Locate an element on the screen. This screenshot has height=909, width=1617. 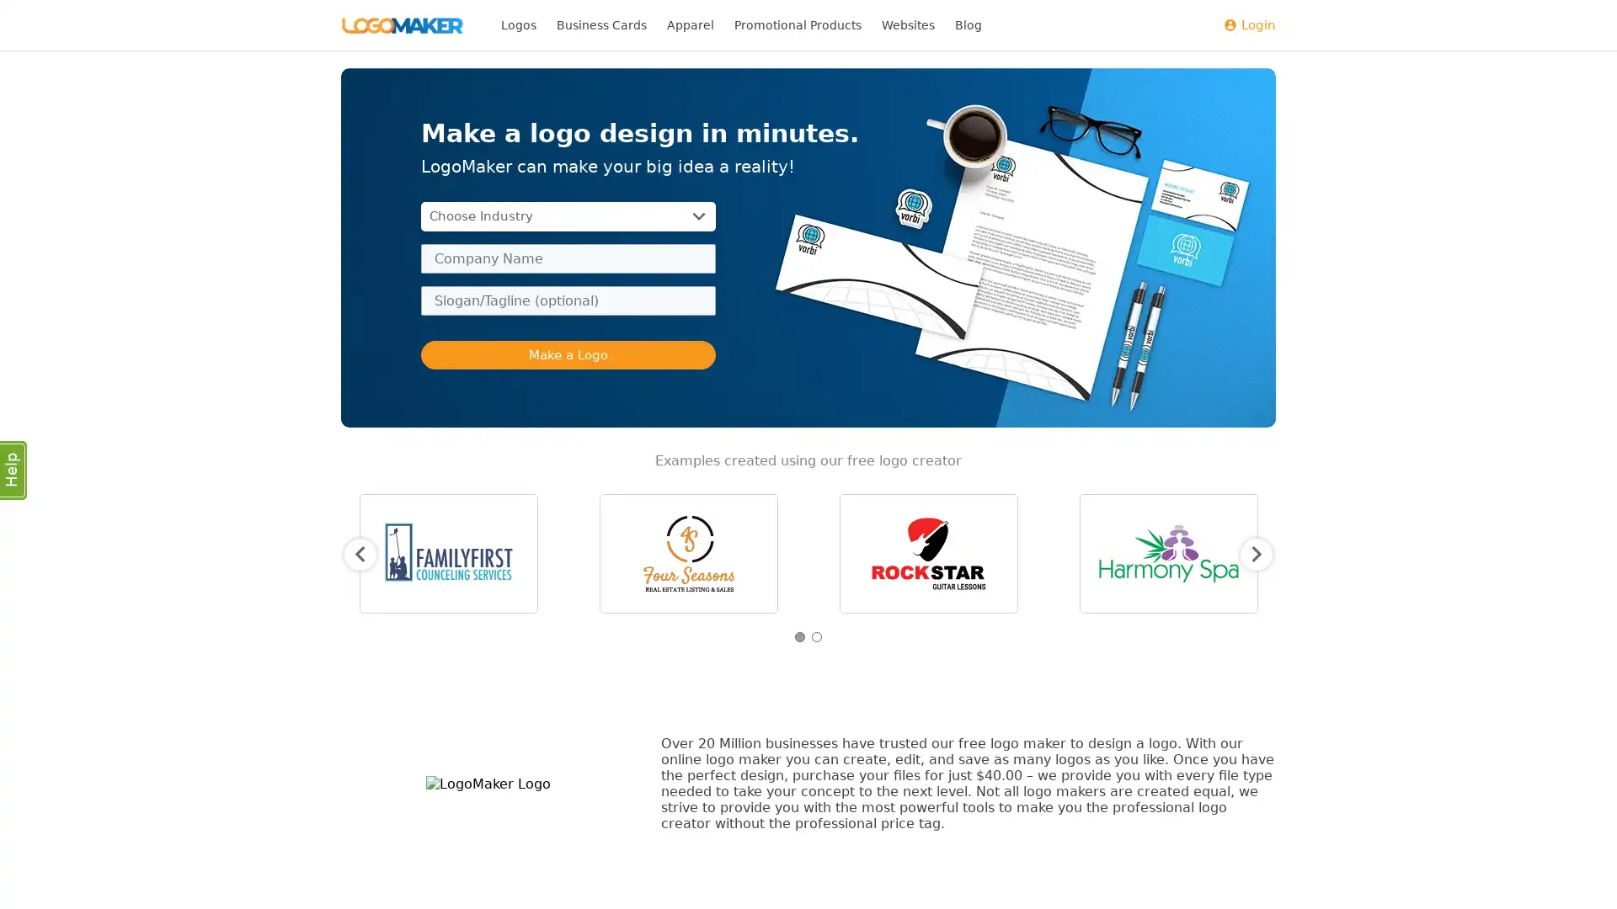
2 is located at coordinates (816, 636).